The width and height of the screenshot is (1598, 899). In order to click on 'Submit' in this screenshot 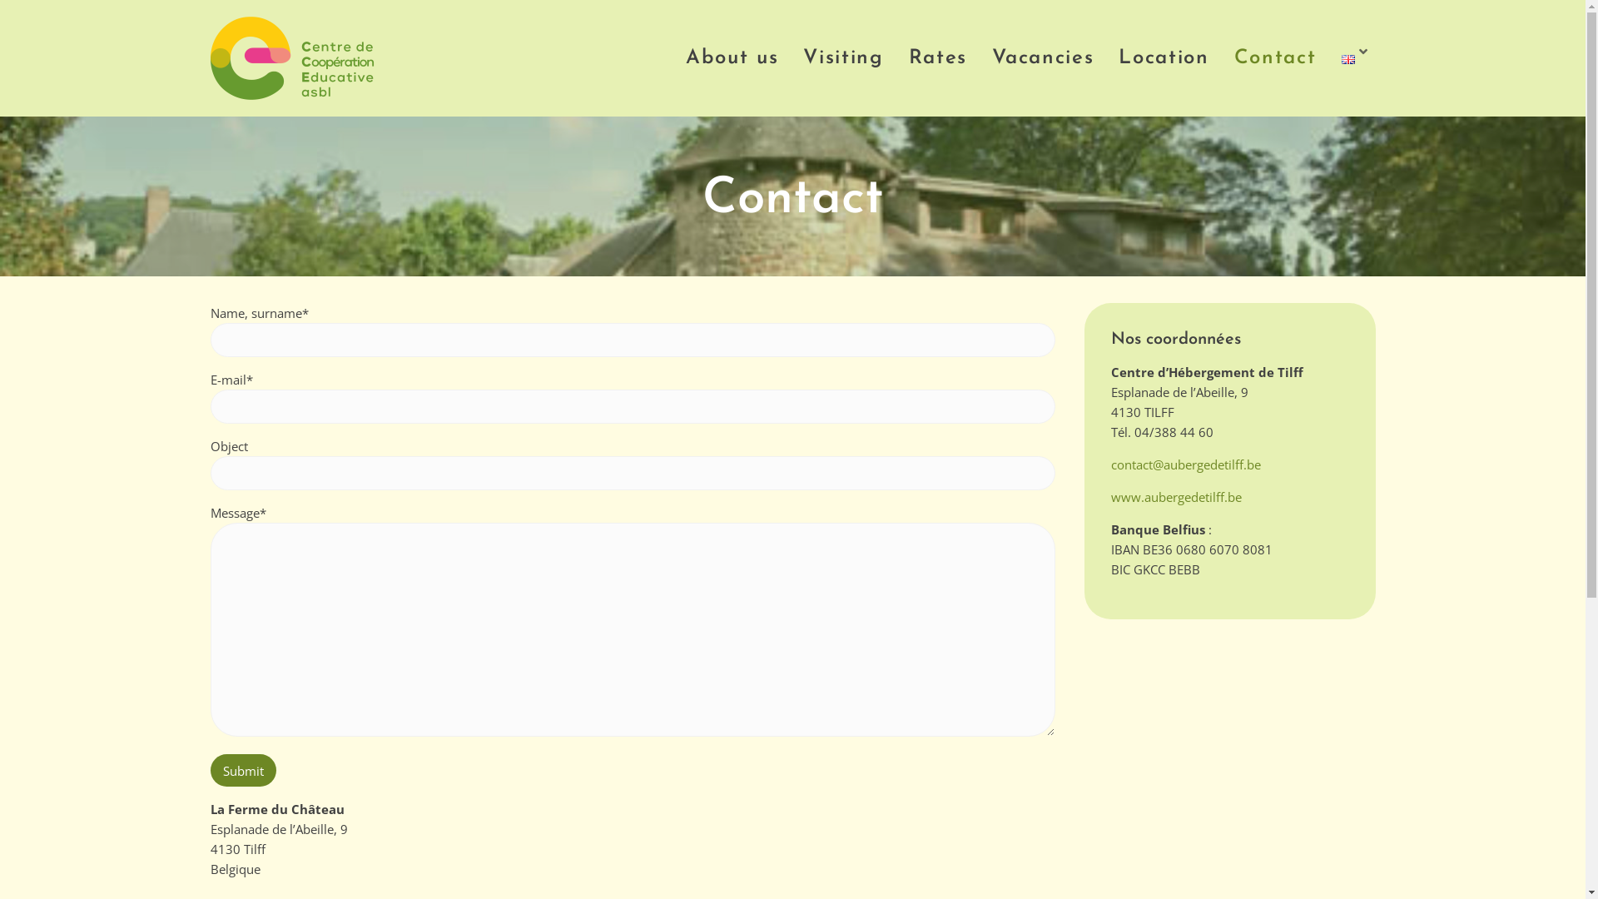, I will do `click(241, 770)`.